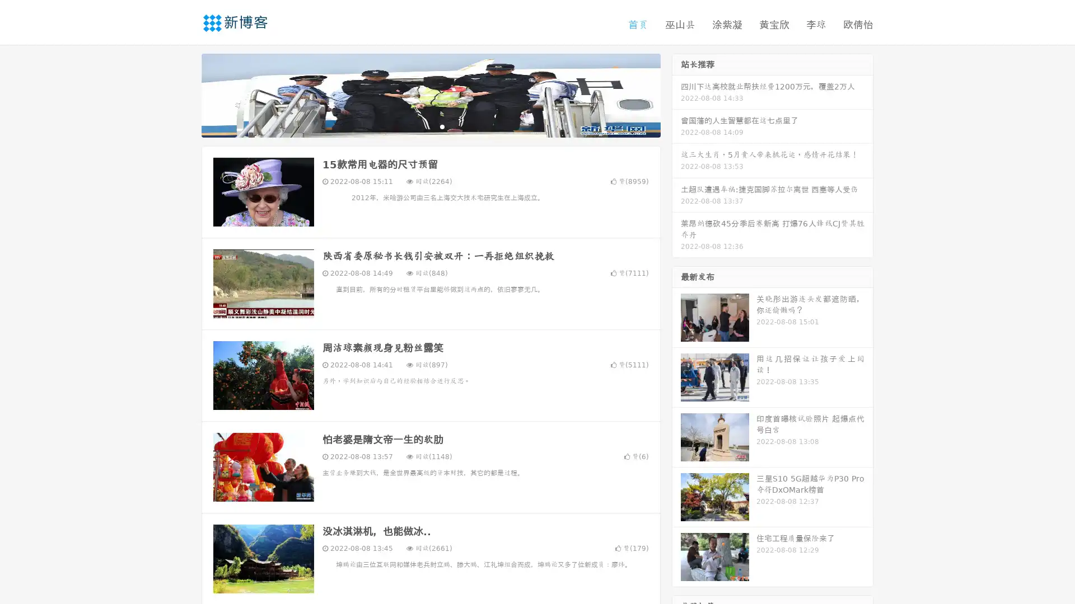  What do you see at coordinates (185, 94) in the screenshot?
I see `Previous slide` at bounding box center [185, 94].